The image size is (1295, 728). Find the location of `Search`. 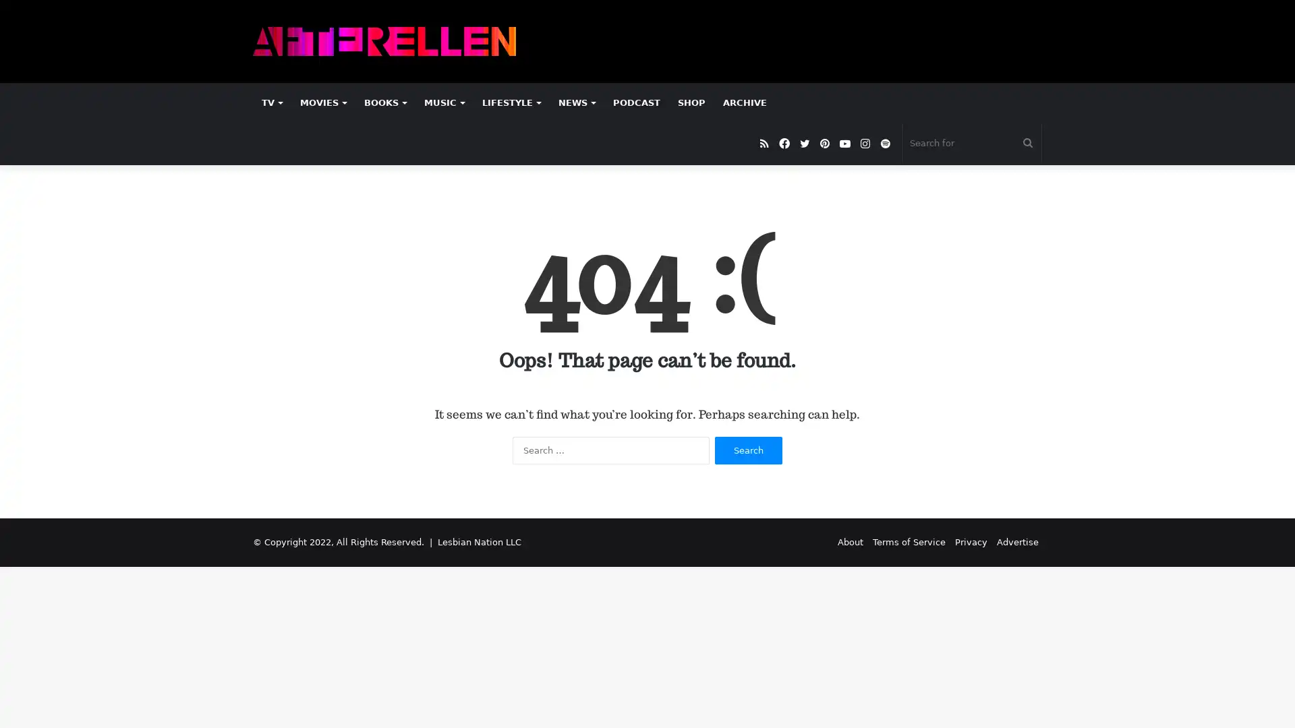

Search is located at coordinates (747, 450).